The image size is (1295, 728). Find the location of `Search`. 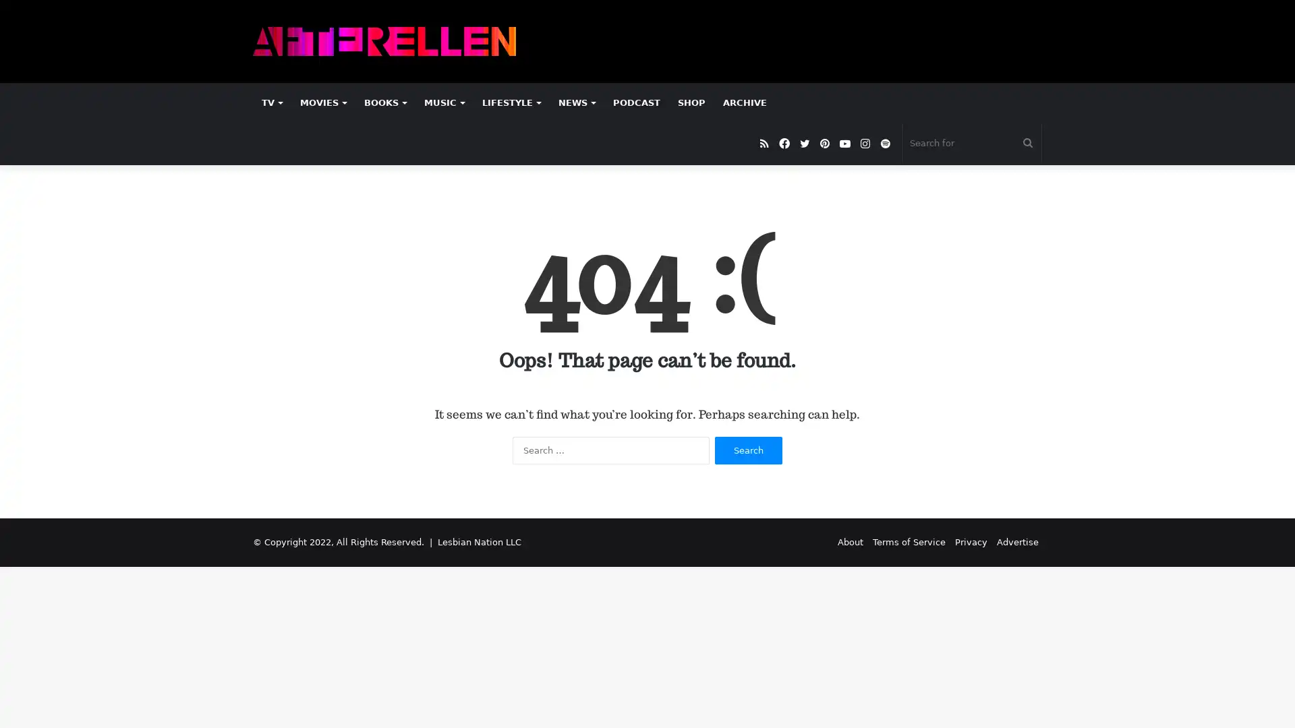

Search is located at coordinates (747, 450).